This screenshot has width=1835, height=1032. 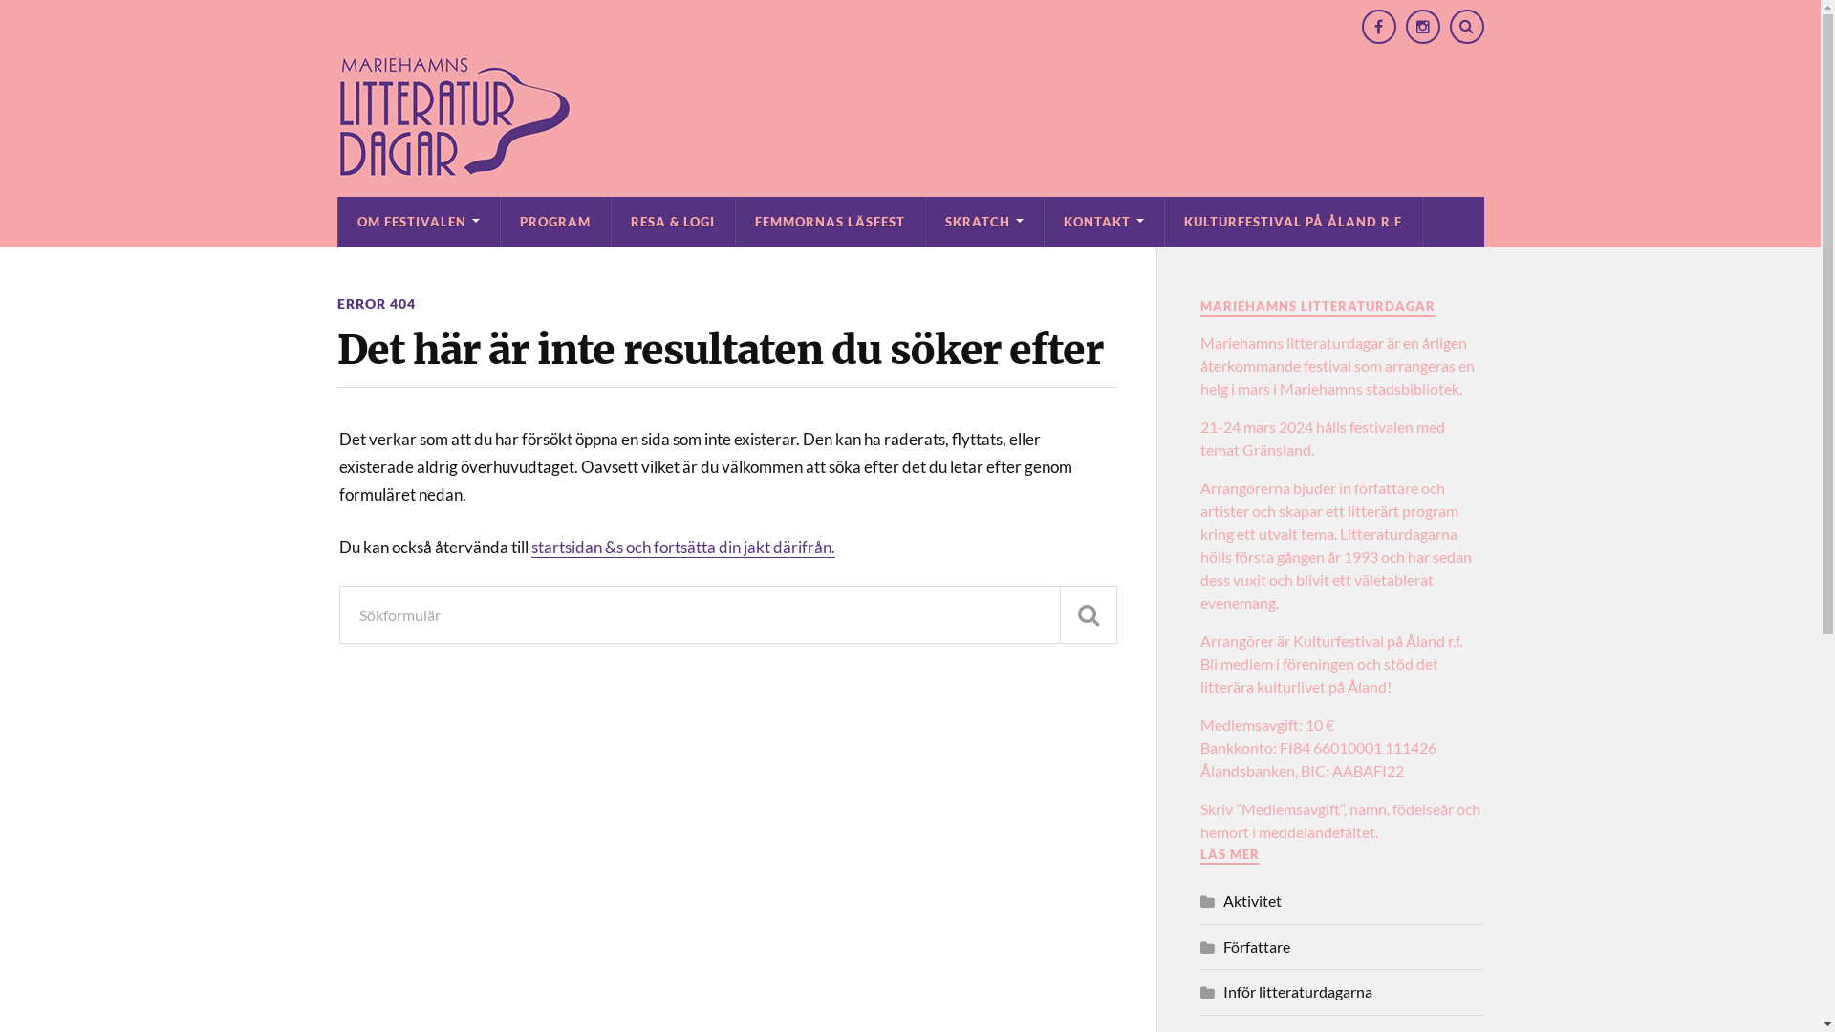 What do you see at coordinates (1042, 221) in the screenshot?
I see `'KONTAKT'` at bounding box center [1042, 221].